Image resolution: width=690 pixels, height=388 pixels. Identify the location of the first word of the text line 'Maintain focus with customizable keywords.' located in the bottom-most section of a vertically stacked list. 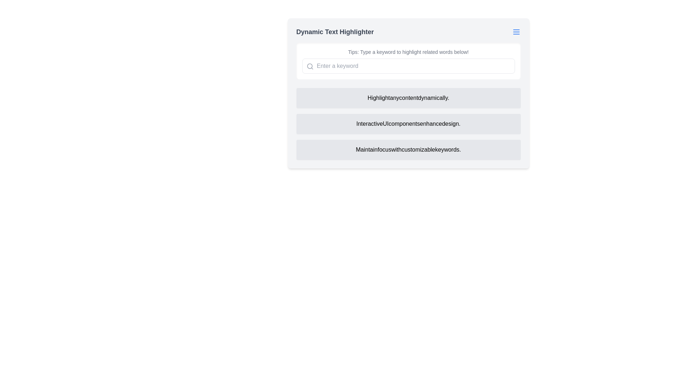
(367, 149).